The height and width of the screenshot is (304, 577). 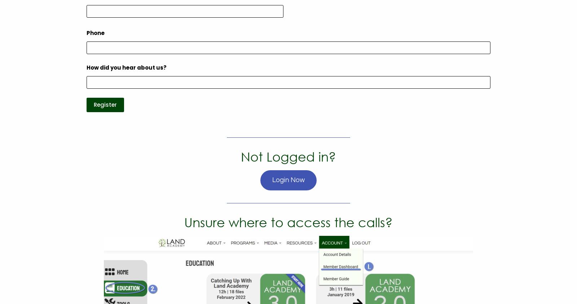 What do you see at coordinates (407, 104) in the screenshot?
I see `'Privacy Policy'` at bounding box center [407, 104].